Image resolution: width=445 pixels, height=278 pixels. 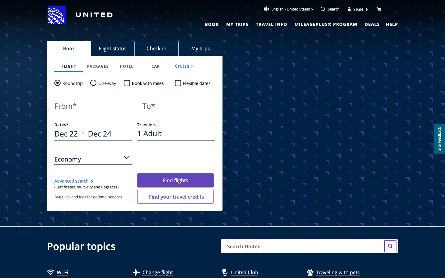 I want to click on shopping cart, so click(x=379, y=8).